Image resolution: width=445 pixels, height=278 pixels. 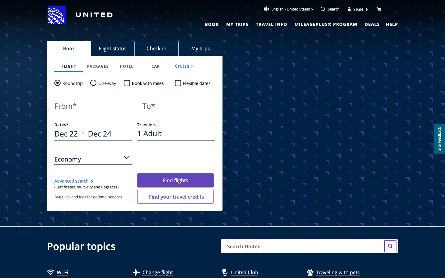 I want to click on shopping cart, so click(x=379, y=8).